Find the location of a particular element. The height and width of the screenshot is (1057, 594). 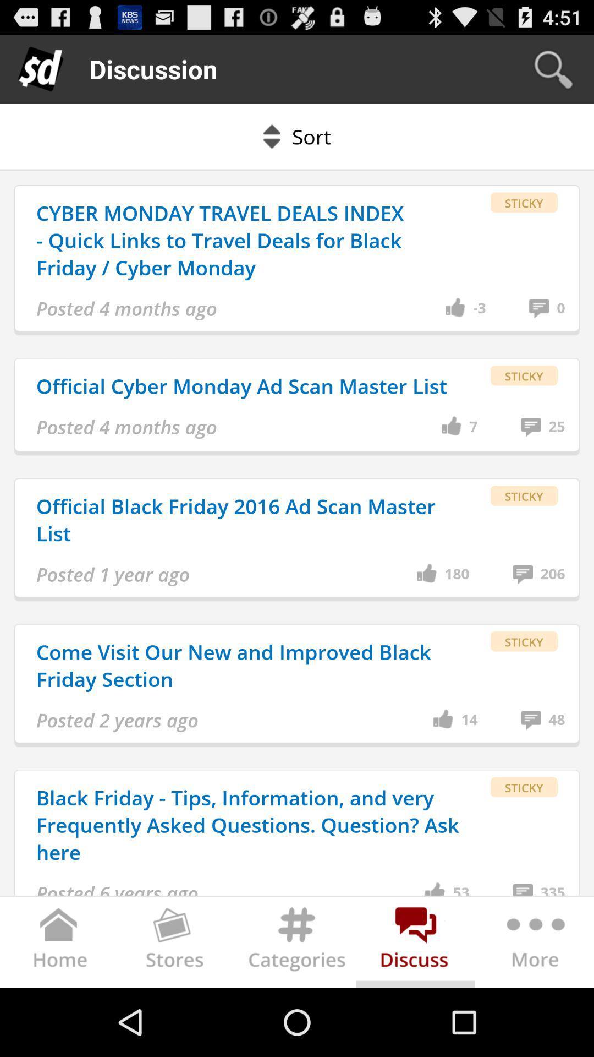

the chat icon is located at coordinates (416, 1011).